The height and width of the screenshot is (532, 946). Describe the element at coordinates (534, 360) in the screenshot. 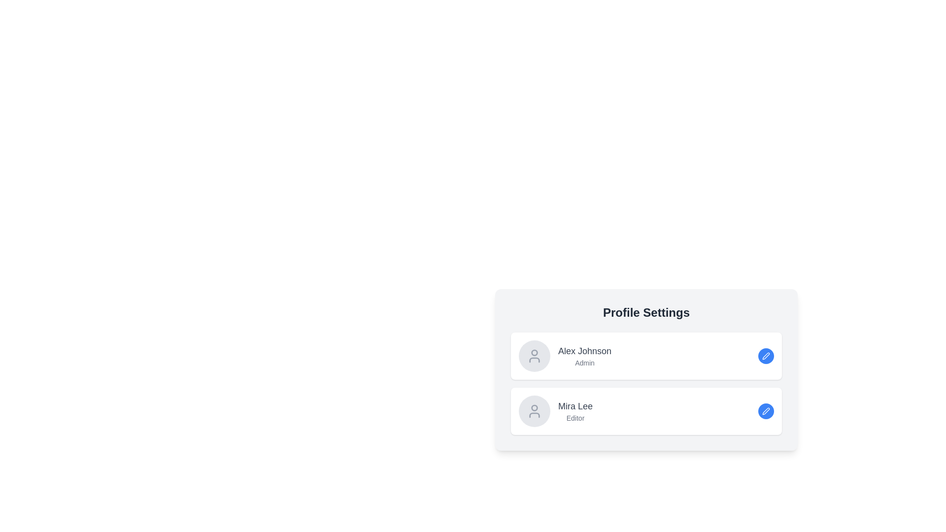

I see `the lower portion of the user icon SVG, which depicts the torso of 'Alex Johnson' in the Profile Settings interface` at that location.